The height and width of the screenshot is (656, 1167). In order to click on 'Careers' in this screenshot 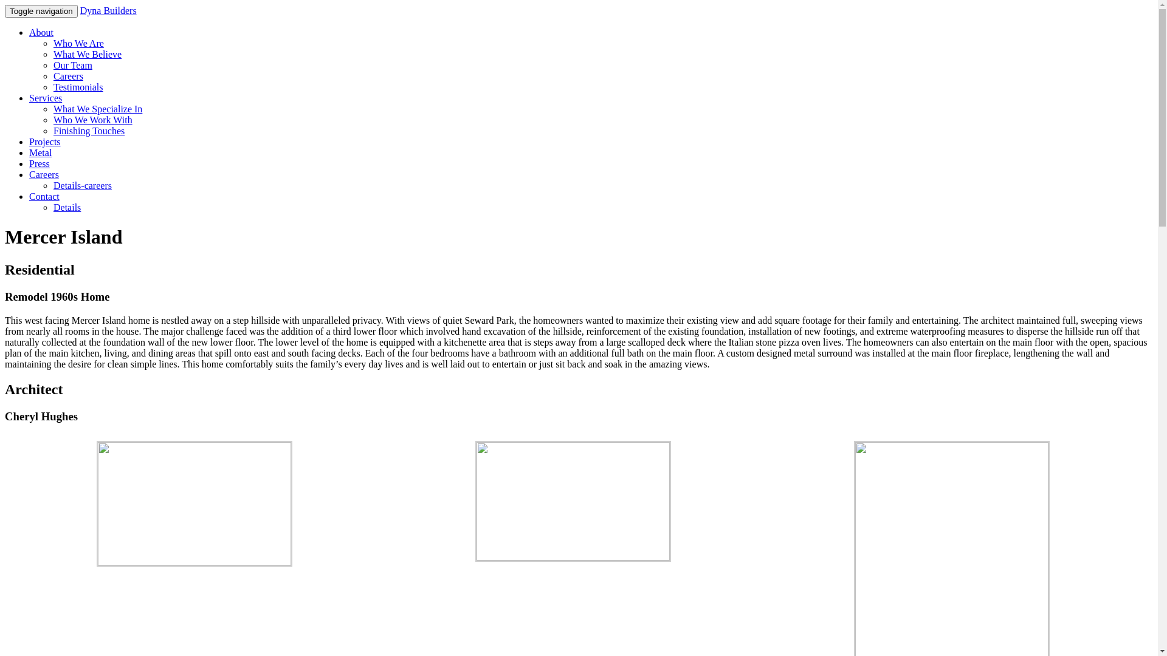, I will do `click(44, 174)`.